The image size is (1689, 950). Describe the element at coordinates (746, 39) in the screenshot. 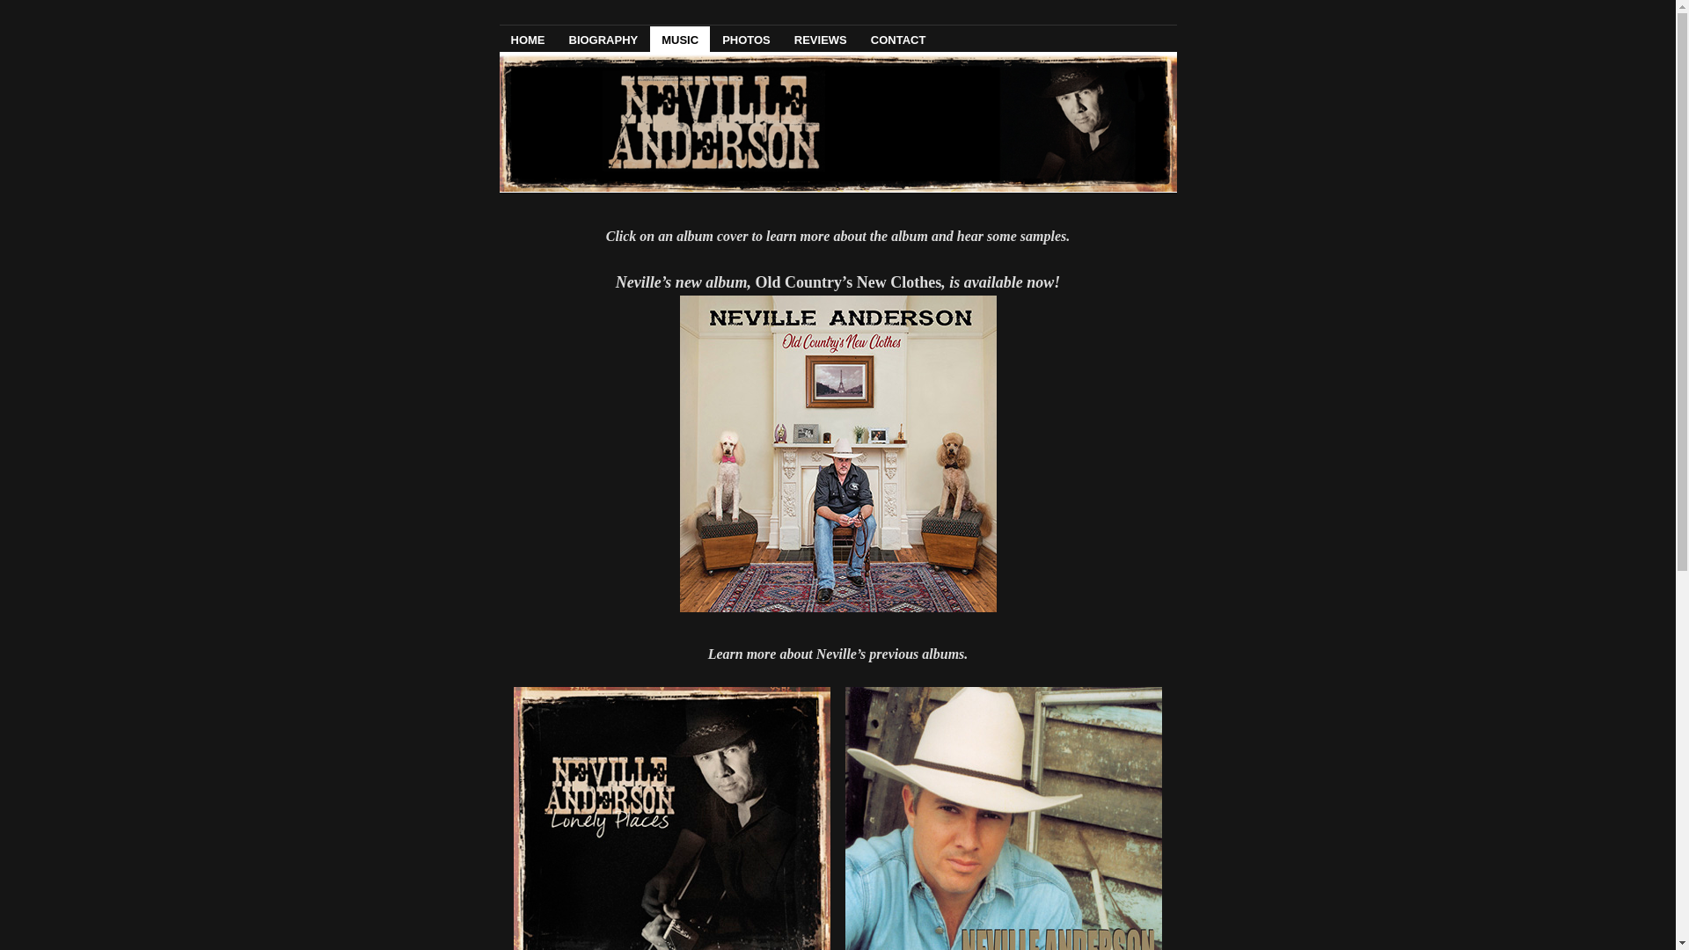

I see `'PHOTOS'` at that location.